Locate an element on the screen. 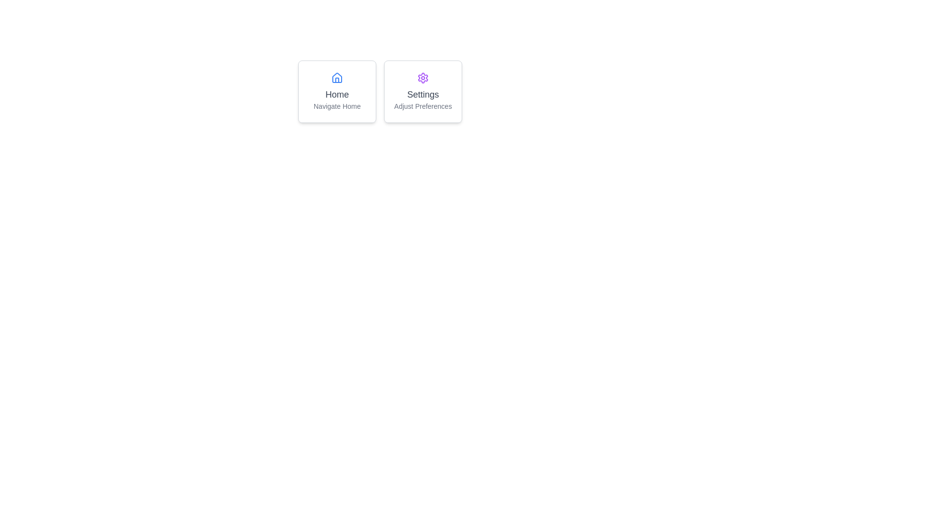  the 'Settings' text label, which is bold and gray, positioned at the top-middle section of its card element is located at coordinates (423, 94).